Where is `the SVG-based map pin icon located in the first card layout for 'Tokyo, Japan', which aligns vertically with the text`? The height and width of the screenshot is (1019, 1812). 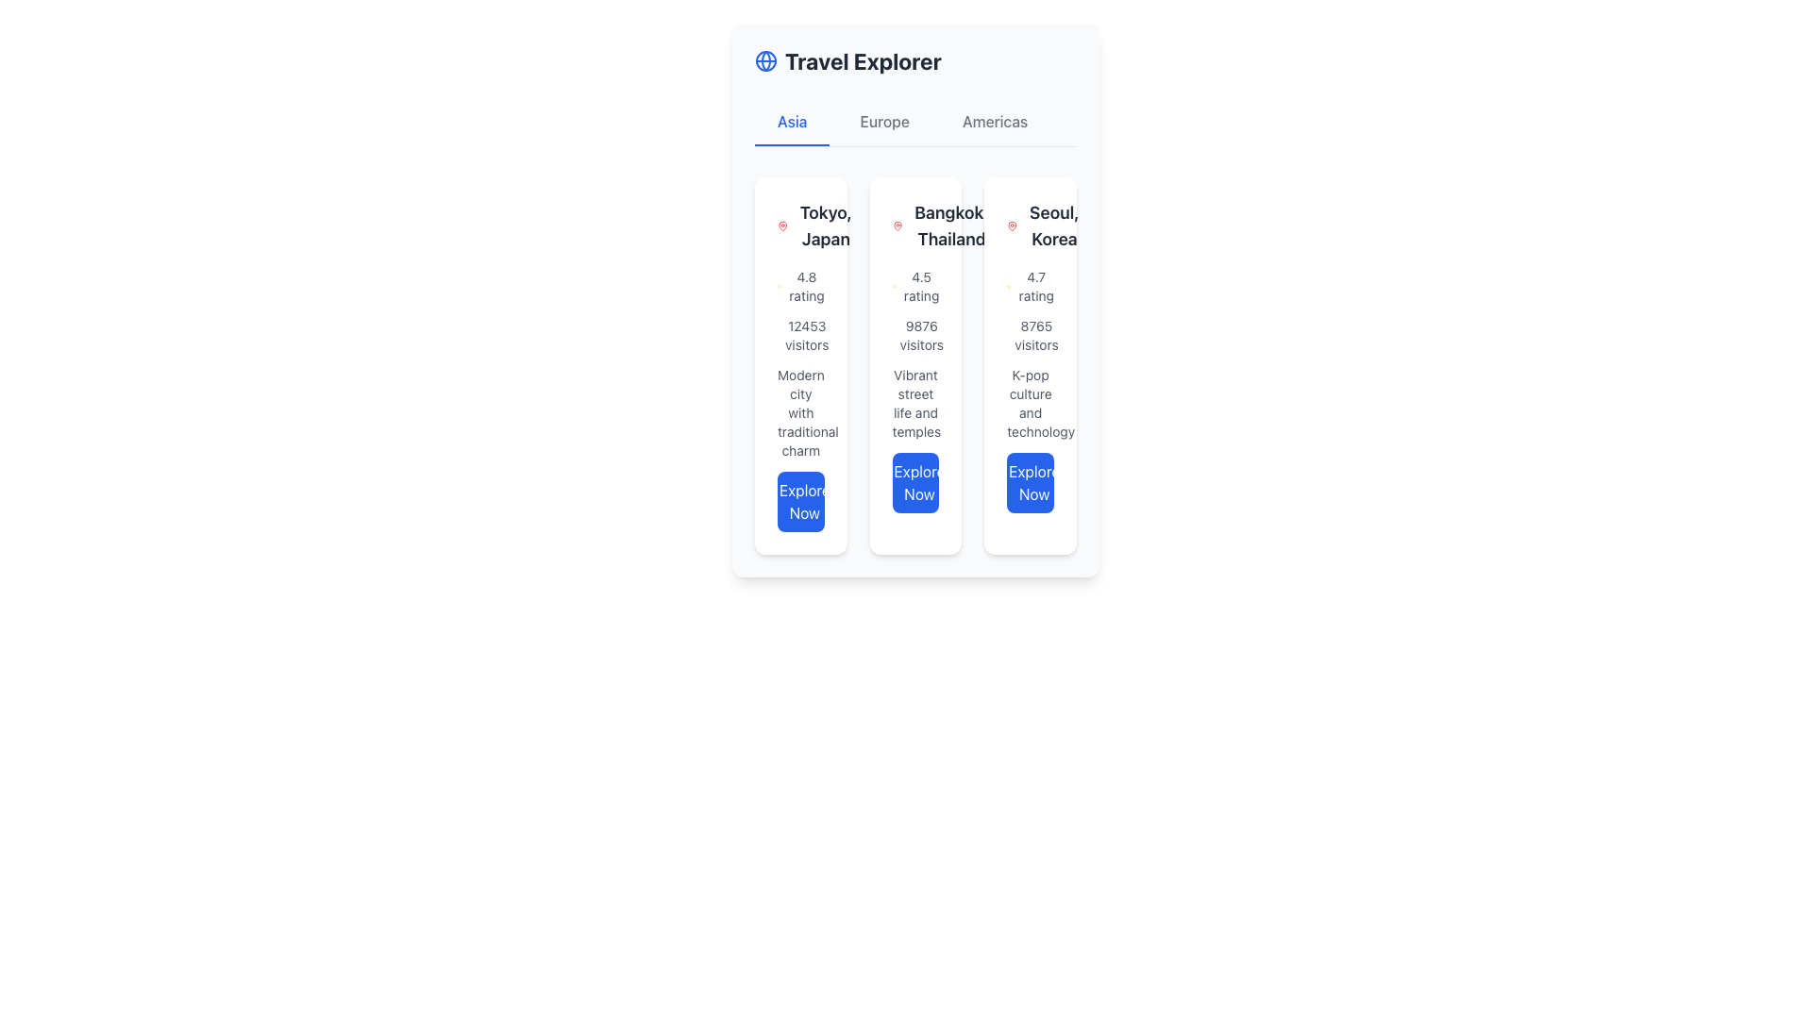 the SVG-based map pin icon located in the first card layout for 'Tokyo, Japan', which aligns vertically with the text is located at coordinates (782, 225).